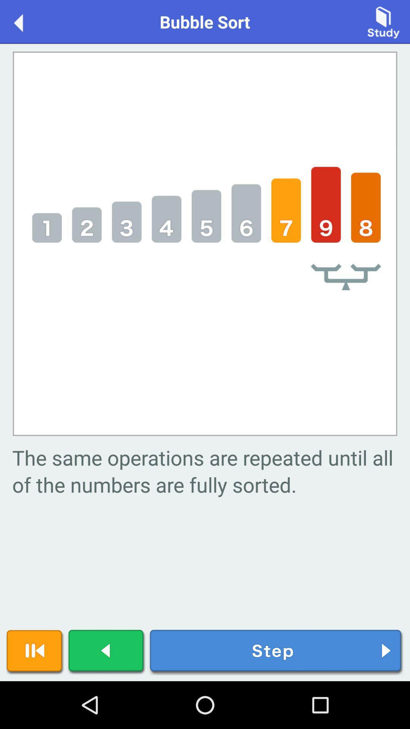 This screenshot has width=410, height=729. I want to click on rewind, so click(35, 652).